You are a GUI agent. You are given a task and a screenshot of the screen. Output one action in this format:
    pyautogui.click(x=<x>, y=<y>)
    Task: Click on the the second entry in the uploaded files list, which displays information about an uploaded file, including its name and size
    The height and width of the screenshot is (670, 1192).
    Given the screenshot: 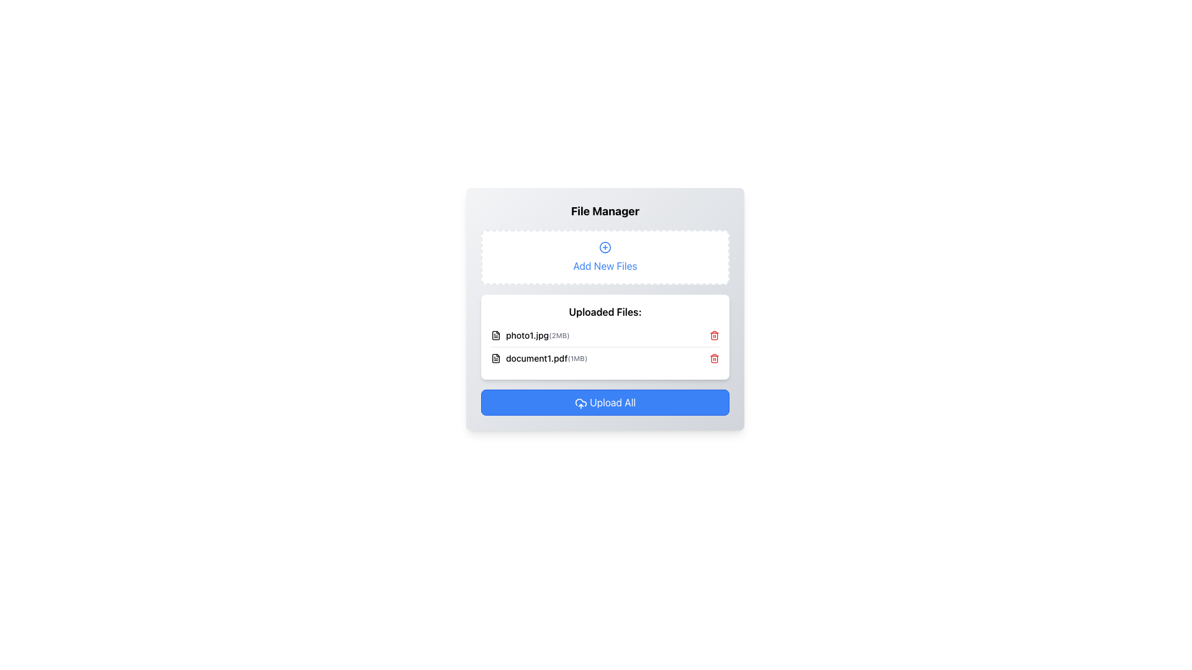 What is the action you would take?
    pyautogui.click(x=546, y=359)
    